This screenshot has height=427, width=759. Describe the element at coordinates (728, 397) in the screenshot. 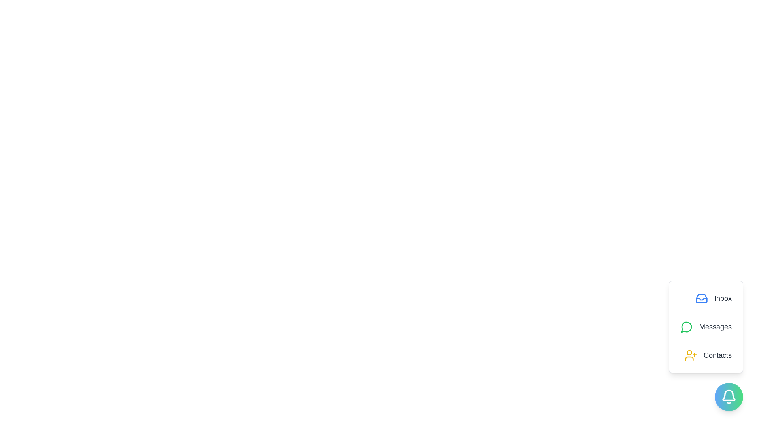

I see `the speed dial toggle button to toggle its visibility` at that location.